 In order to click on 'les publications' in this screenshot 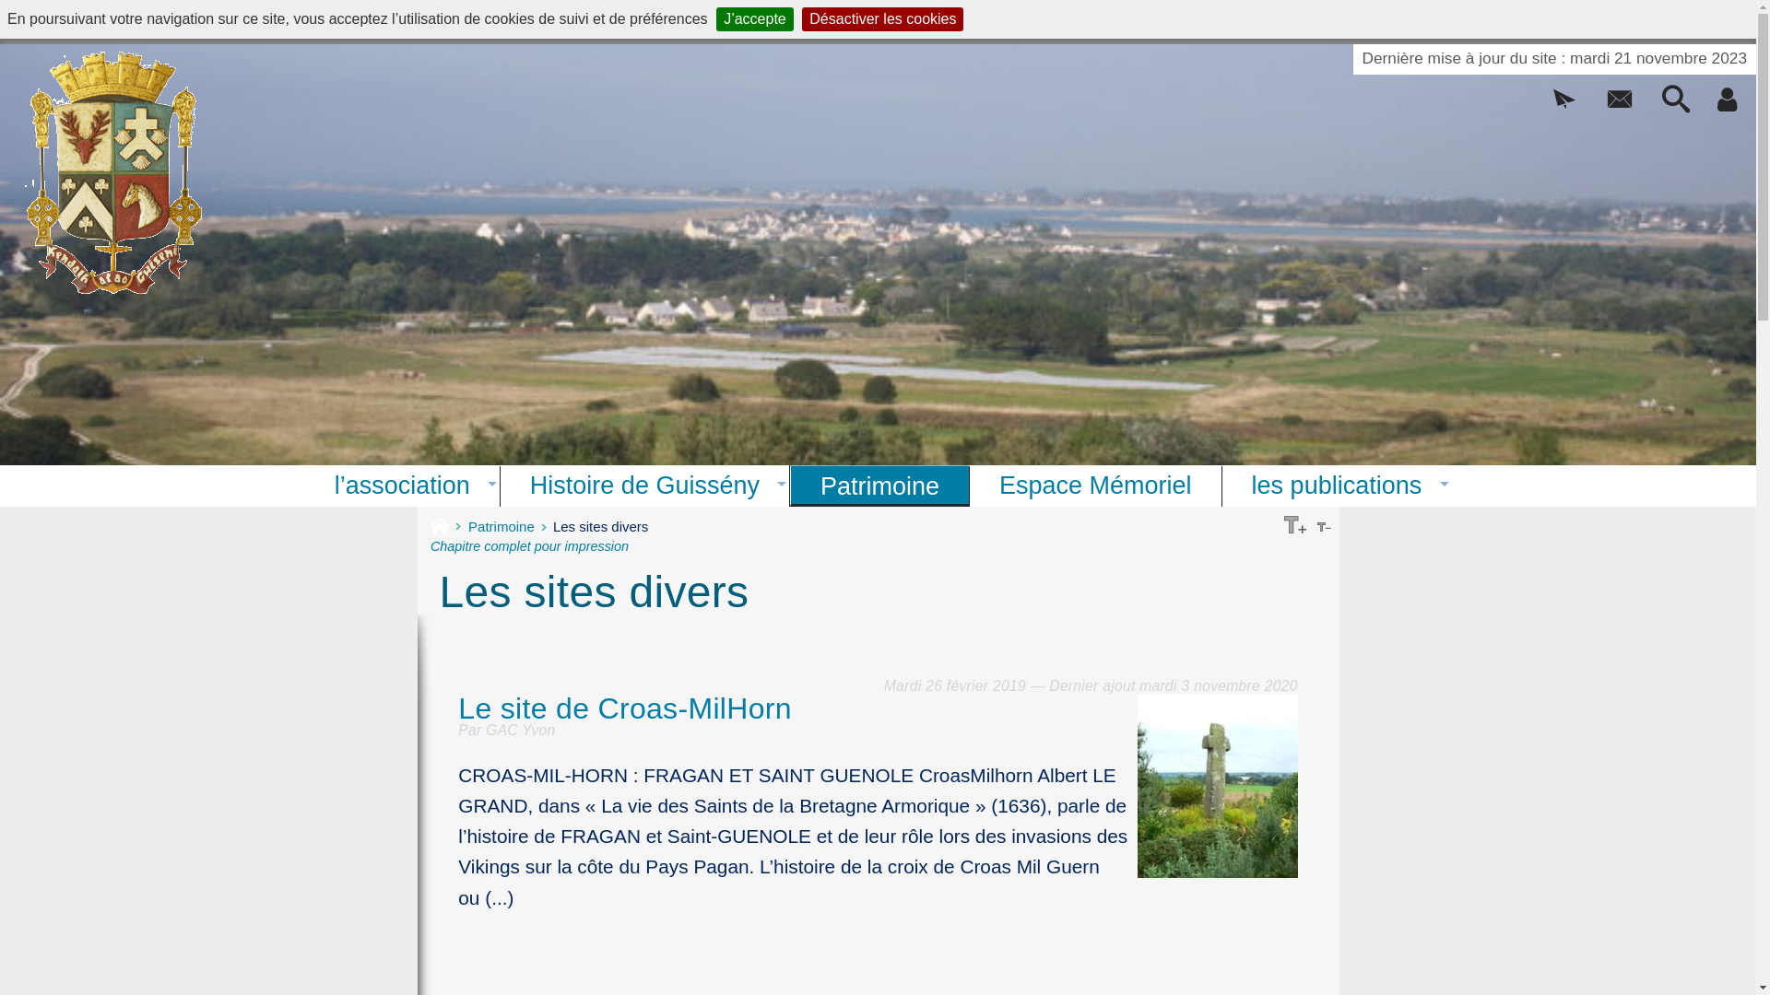, I will do `click(1337, 486)`.